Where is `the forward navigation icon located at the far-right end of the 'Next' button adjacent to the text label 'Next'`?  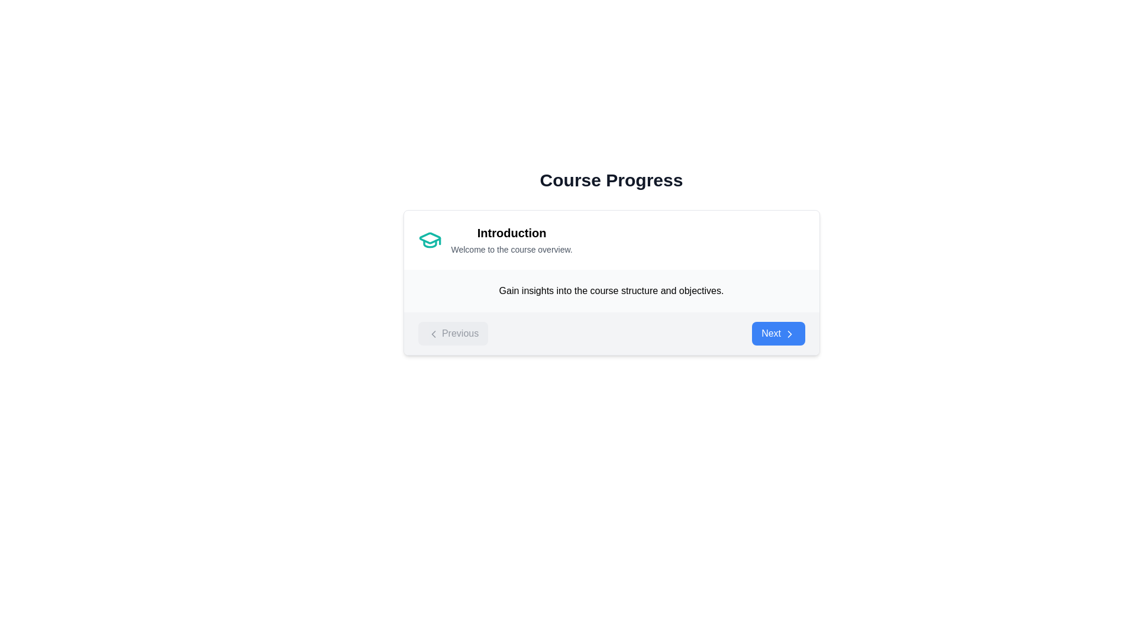 the forward navigation icon located at the far-right end of the 'Next' button adjacent to the text label 'Next' is located at coordinates (789, 334).